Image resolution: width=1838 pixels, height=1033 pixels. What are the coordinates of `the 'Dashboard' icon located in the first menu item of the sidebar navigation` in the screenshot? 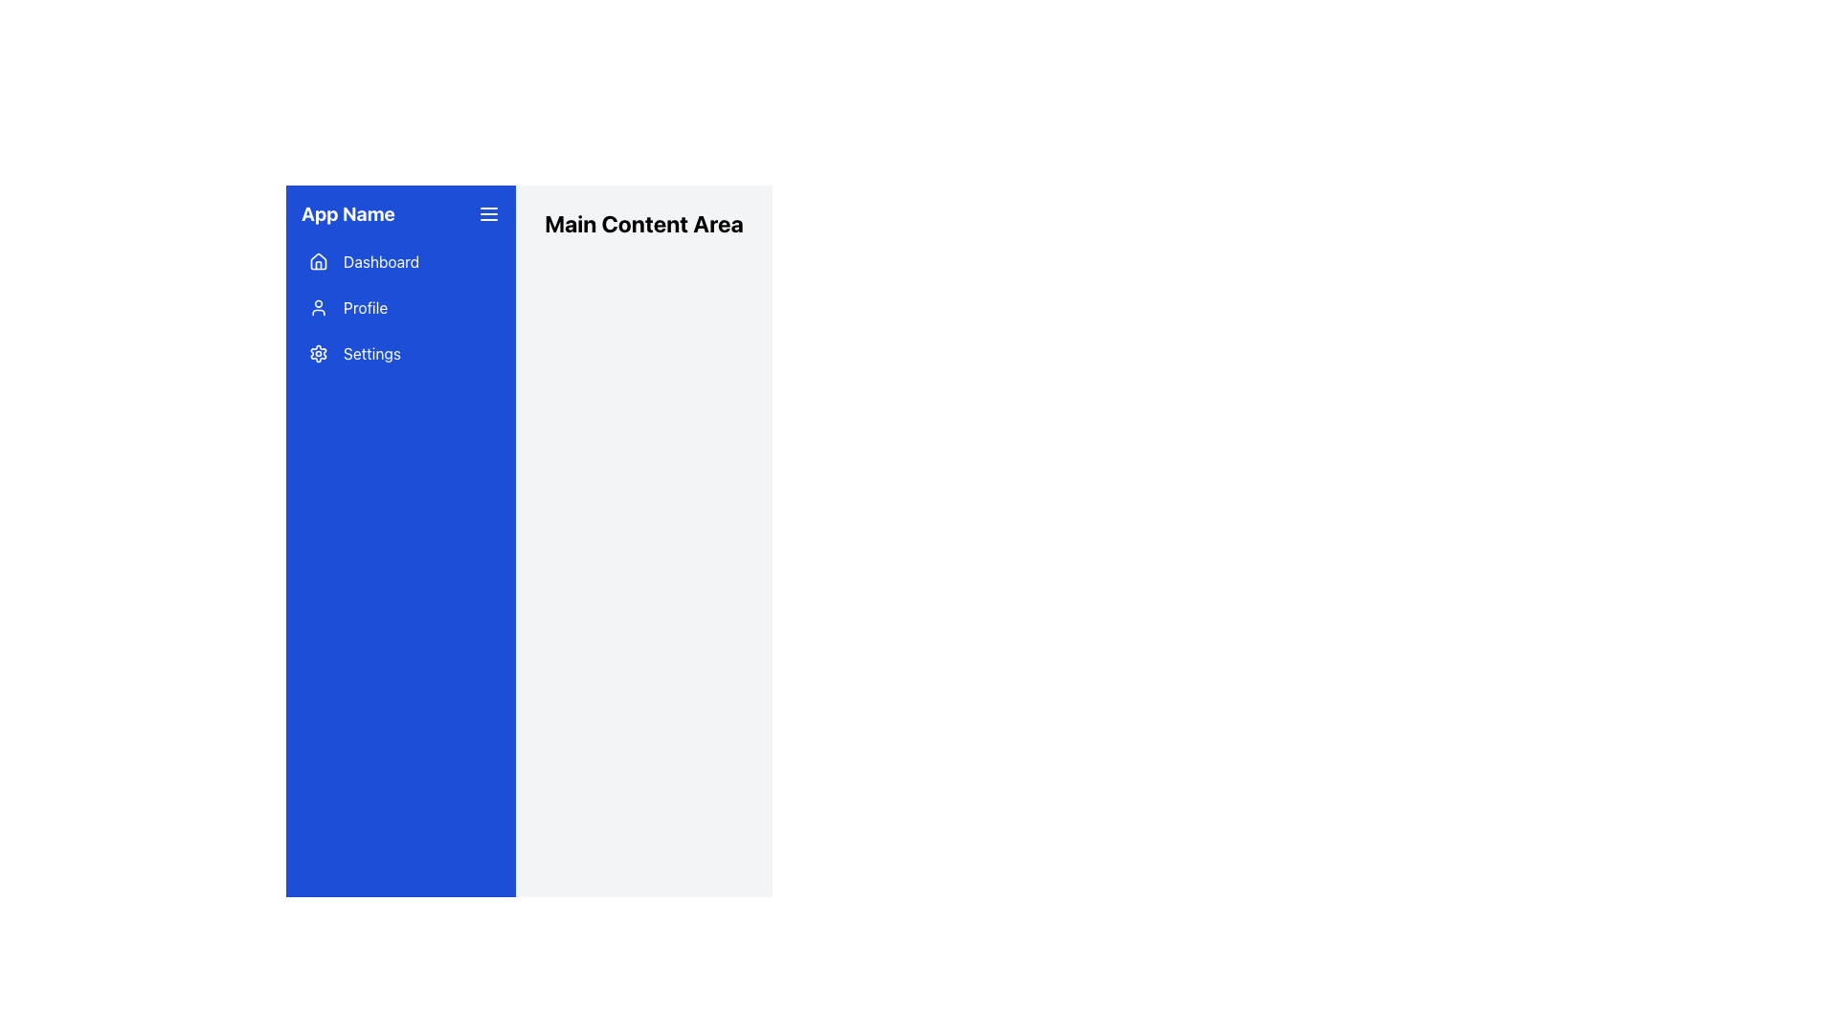 It's located at (318, 261).